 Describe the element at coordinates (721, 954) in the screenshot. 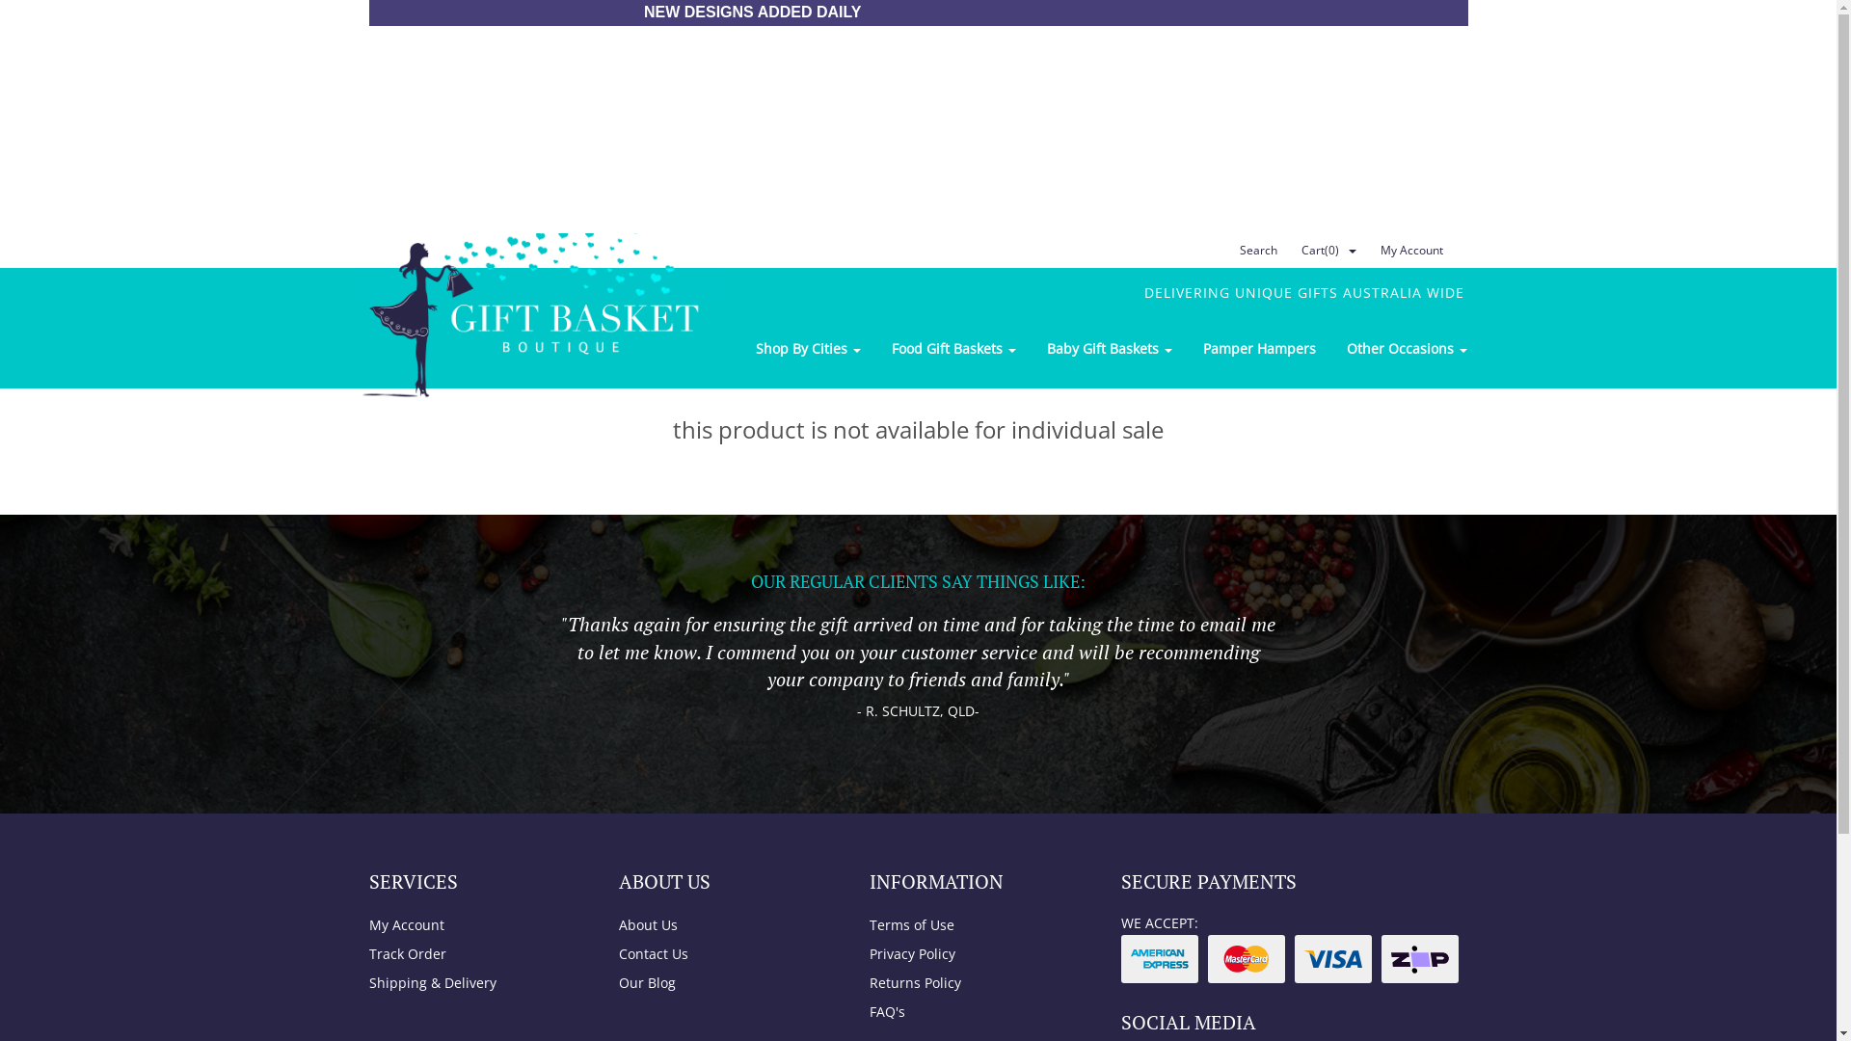

I see `'Contact Us'` at that location.